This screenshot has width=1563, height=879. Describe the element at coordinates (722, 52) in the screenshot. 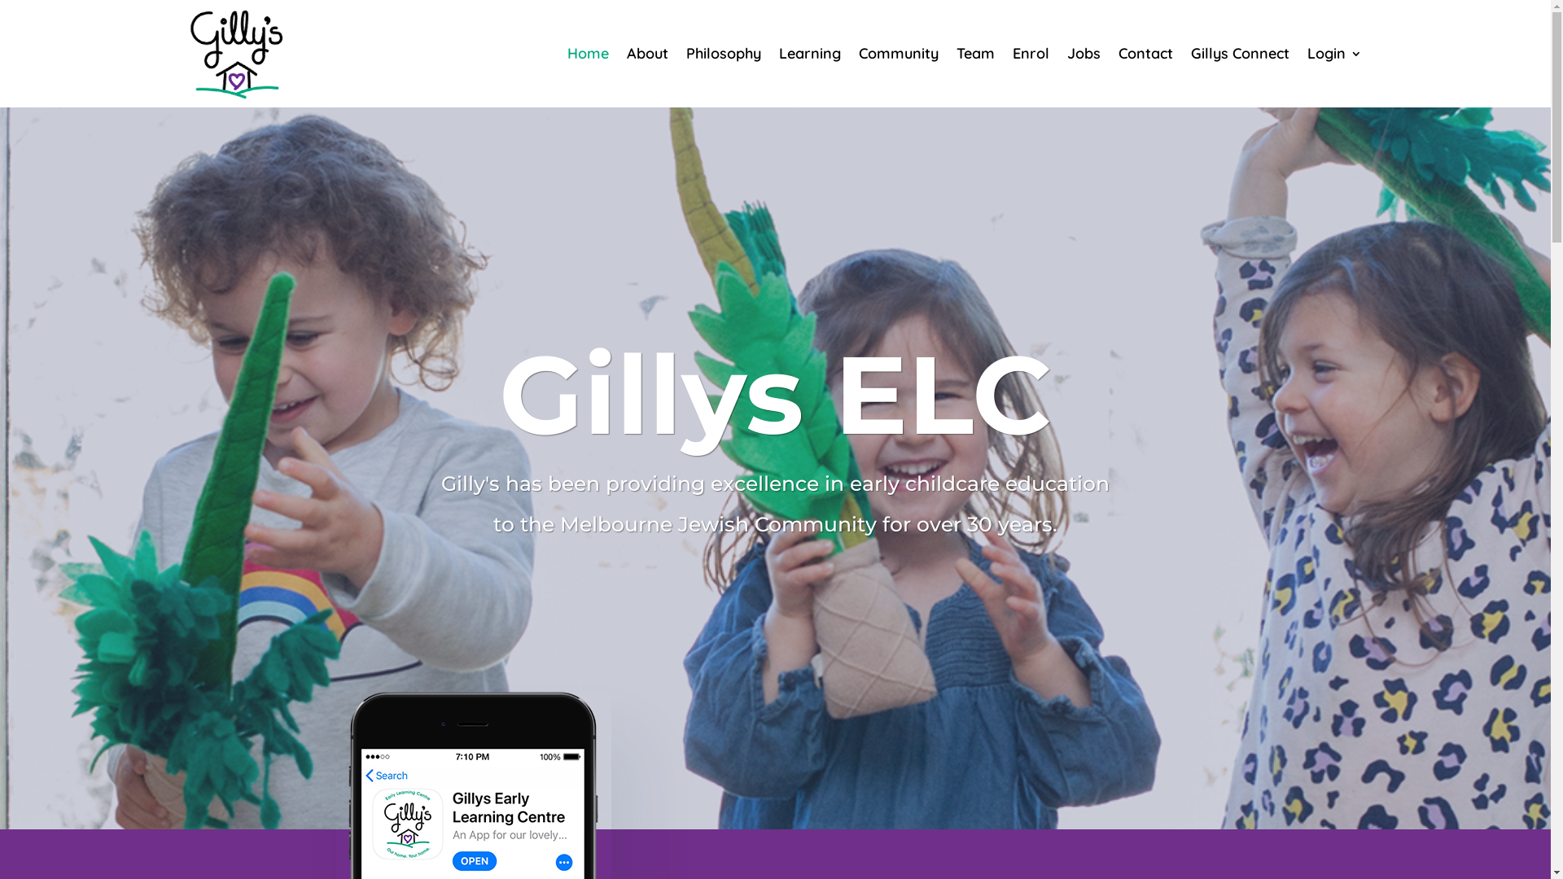

I see `'Philosophy'` at that location.